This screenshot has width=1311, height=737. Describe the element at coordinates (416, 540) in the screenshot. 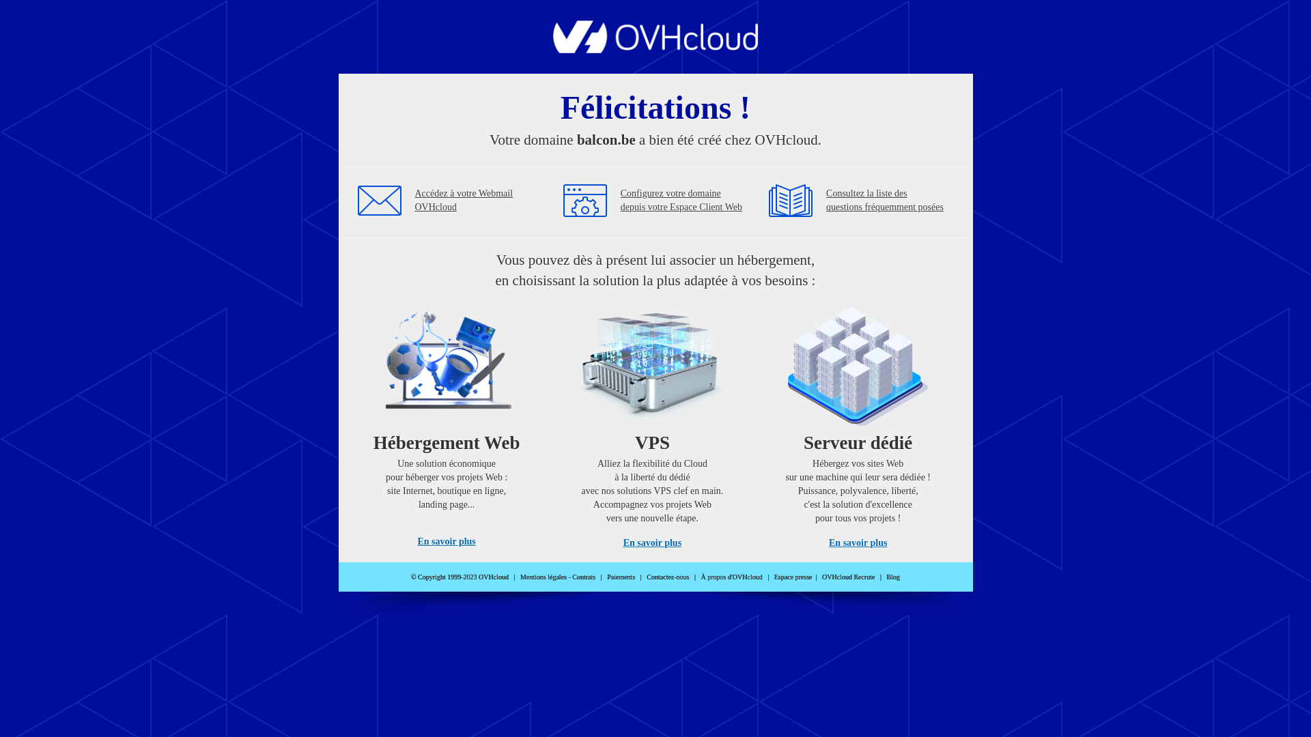

I see `'En savoir plus'` at that location.